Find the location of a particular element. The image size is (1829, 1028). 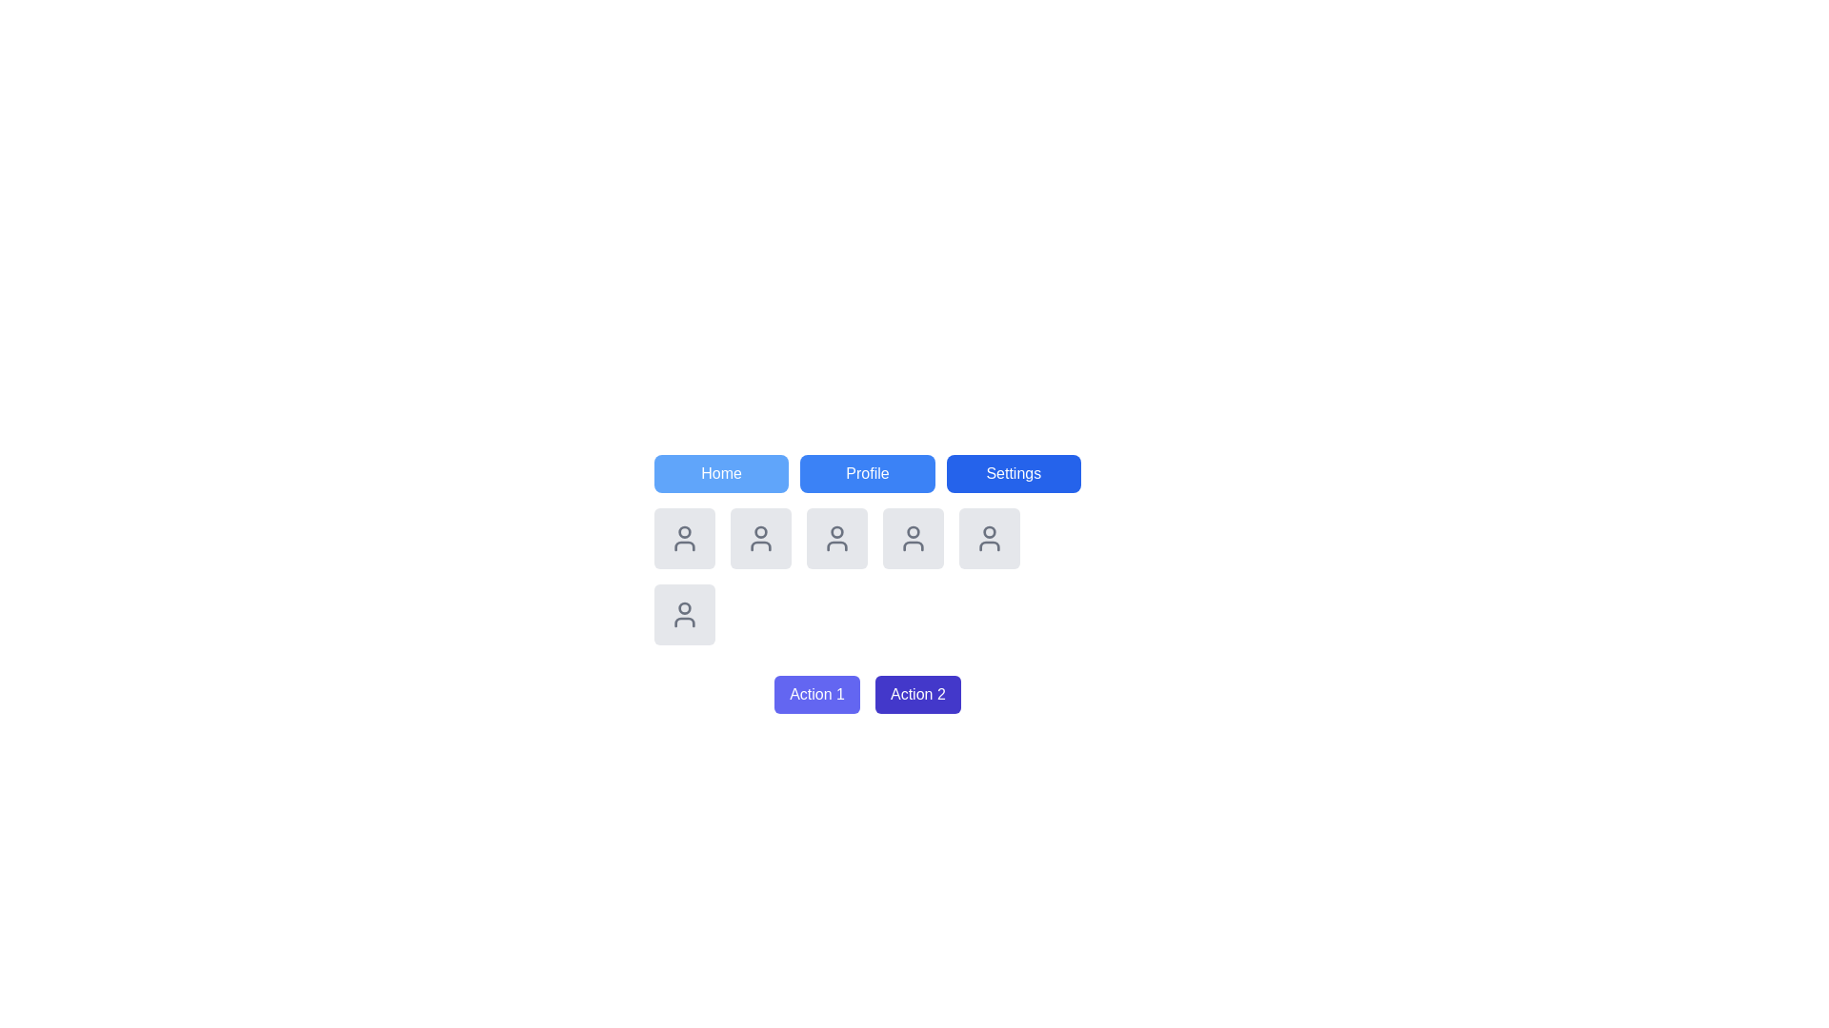

the non-interactive user or profile icon button located in the first row of the grid, fifth from the left is located at coordinates (913, 539).